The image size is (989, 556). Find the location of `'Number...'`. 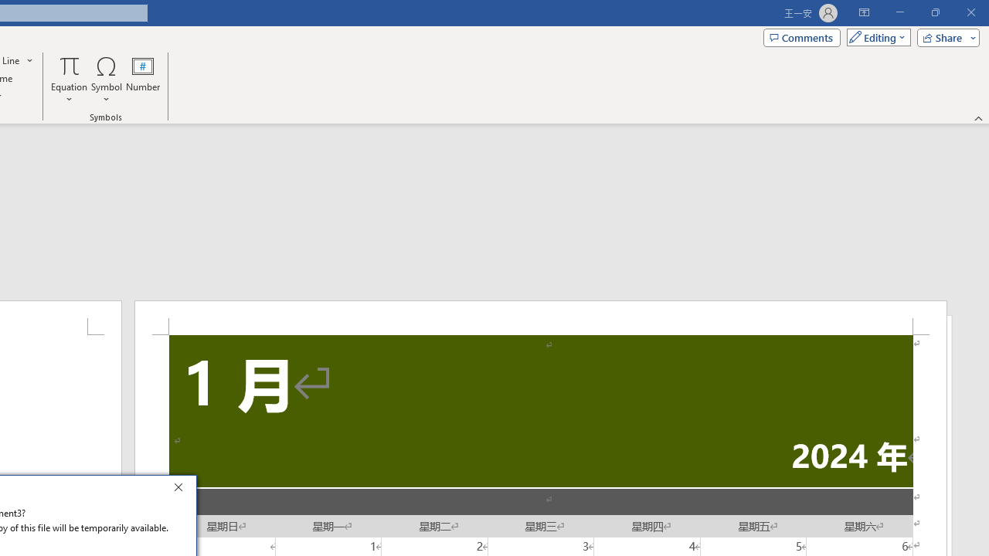

'Number...' is located at coordinates (143, 80).